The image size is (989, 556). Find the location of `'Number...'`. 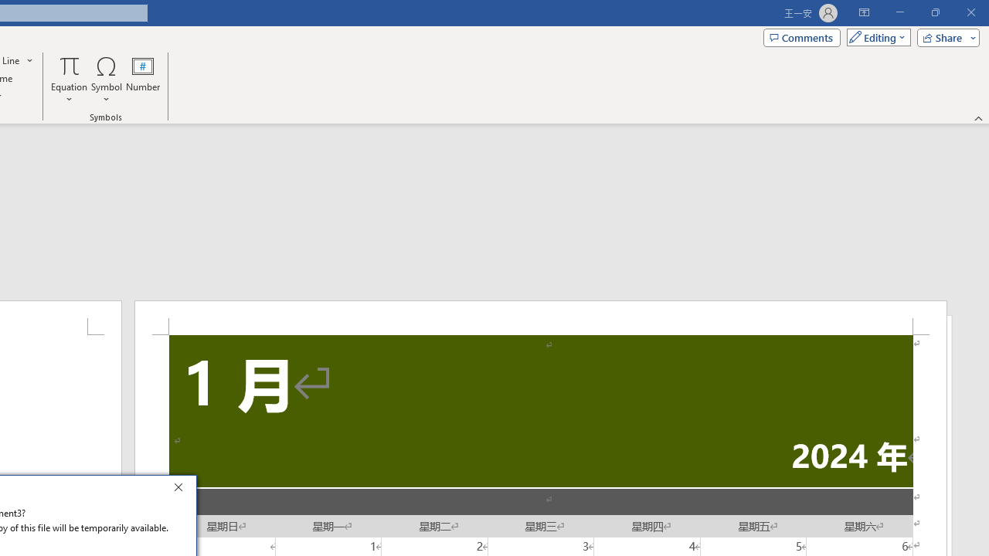

'Number...' is located at coordinates (143, 80).